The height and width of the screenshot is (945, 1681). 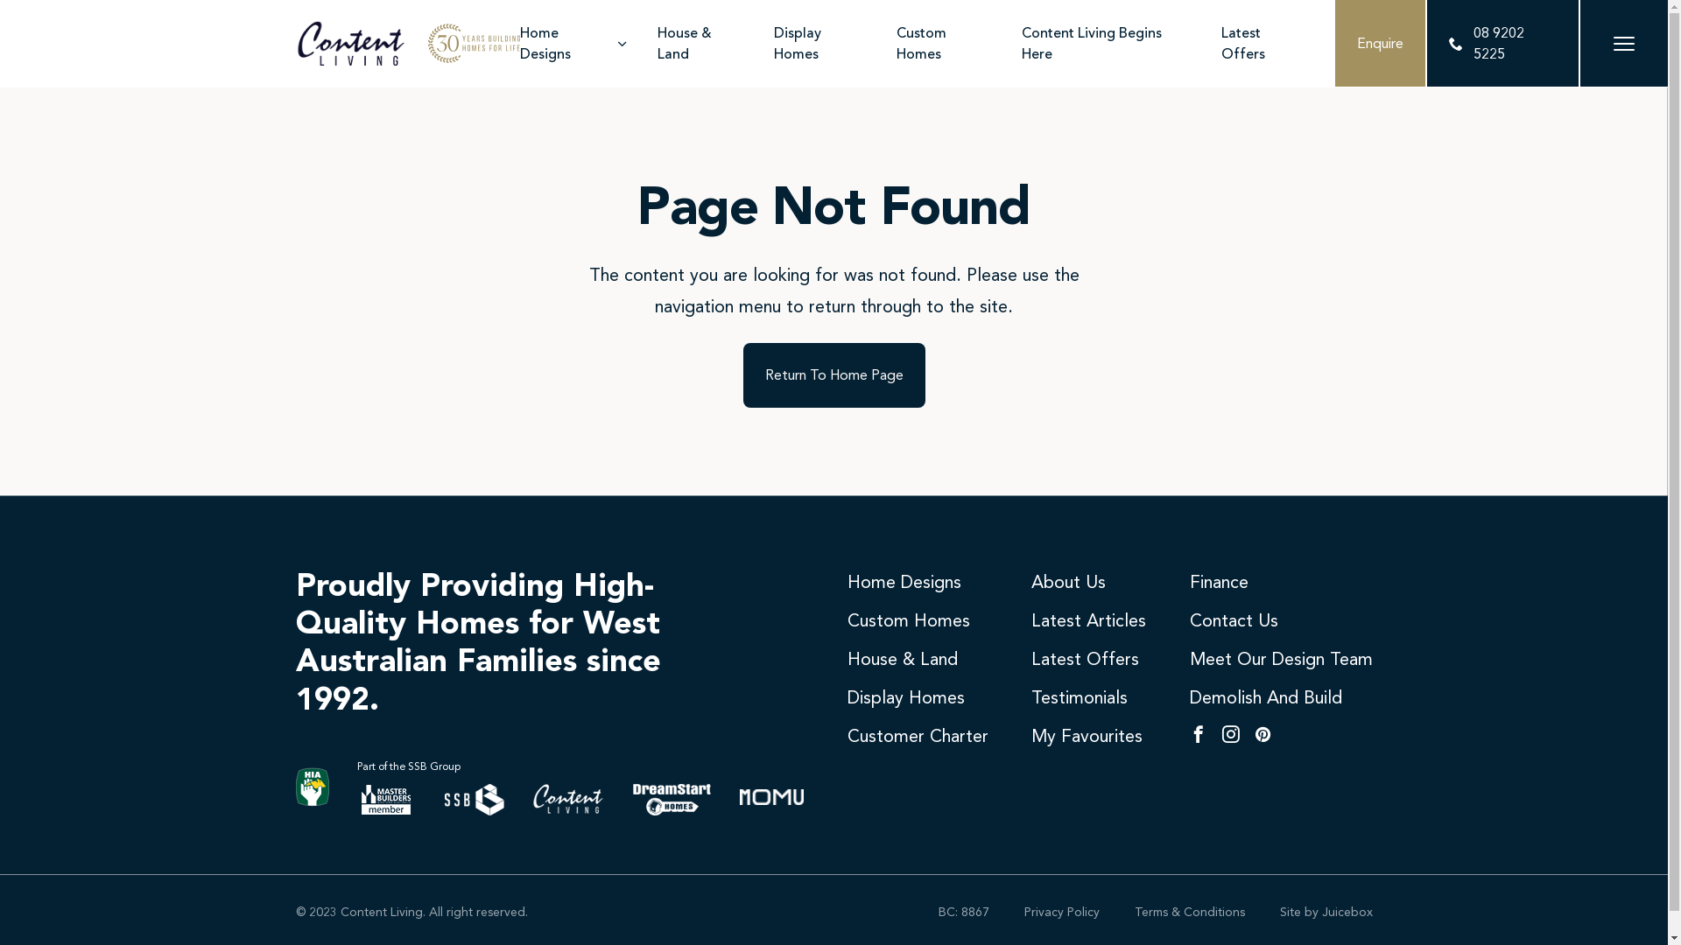 What do you see at coordinates (1197, 735) in the screenshot?
I see `'Facebook'` at bounding box center [1197, 735].